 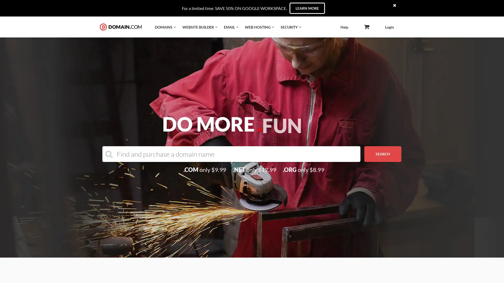 I want to click on SEARCH, so click(x=383, y=153).